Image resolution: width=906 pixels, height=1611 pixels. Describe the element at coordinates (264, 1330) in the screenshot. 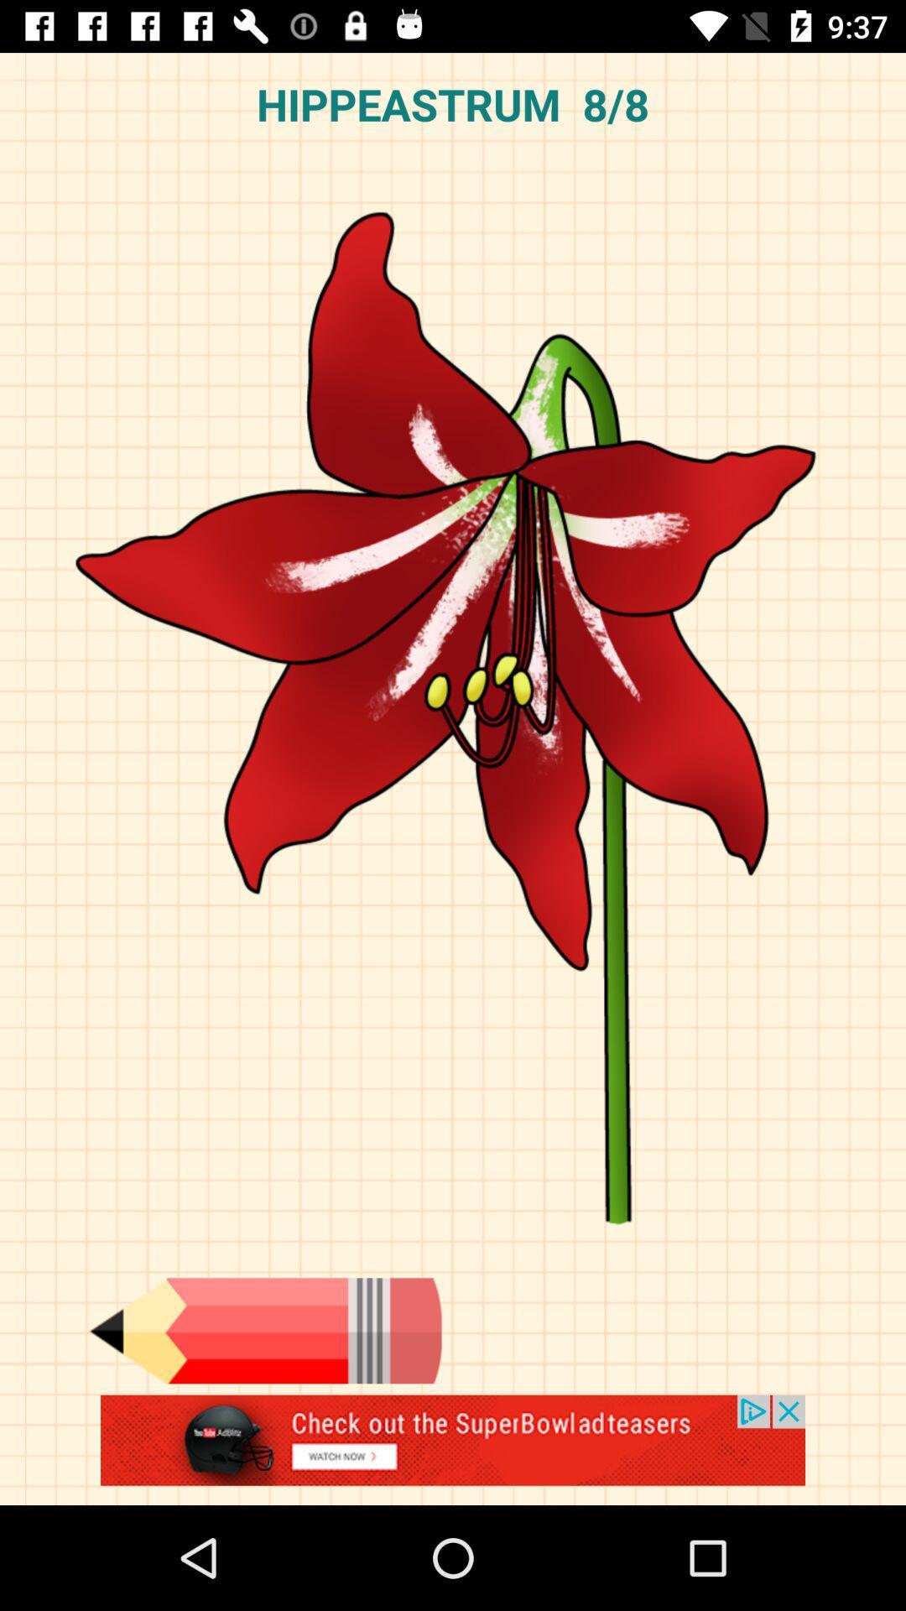

I see `pencil tool` at that location.